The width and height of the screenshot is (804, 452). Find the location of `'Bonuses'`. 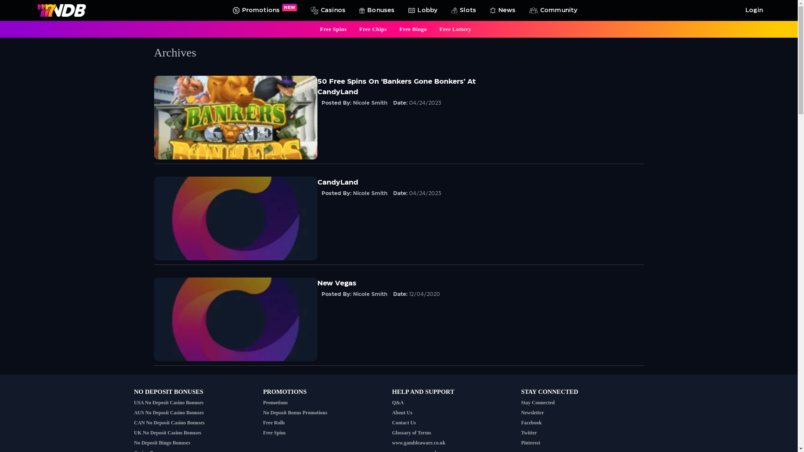

'Bonuses' is located at coordinates (375, 10).